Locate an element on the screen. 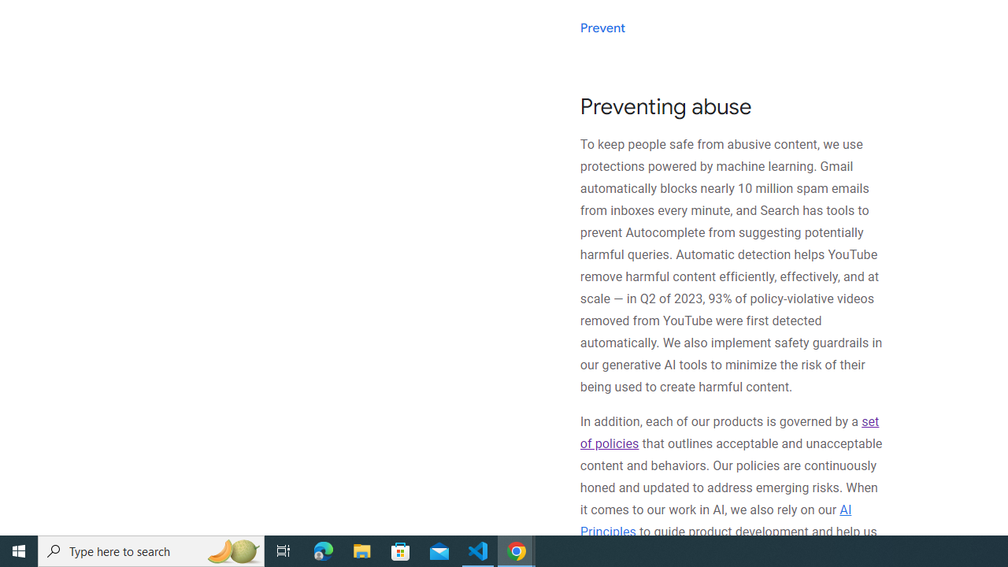  'Task View' is located at coordinates (283, 550).